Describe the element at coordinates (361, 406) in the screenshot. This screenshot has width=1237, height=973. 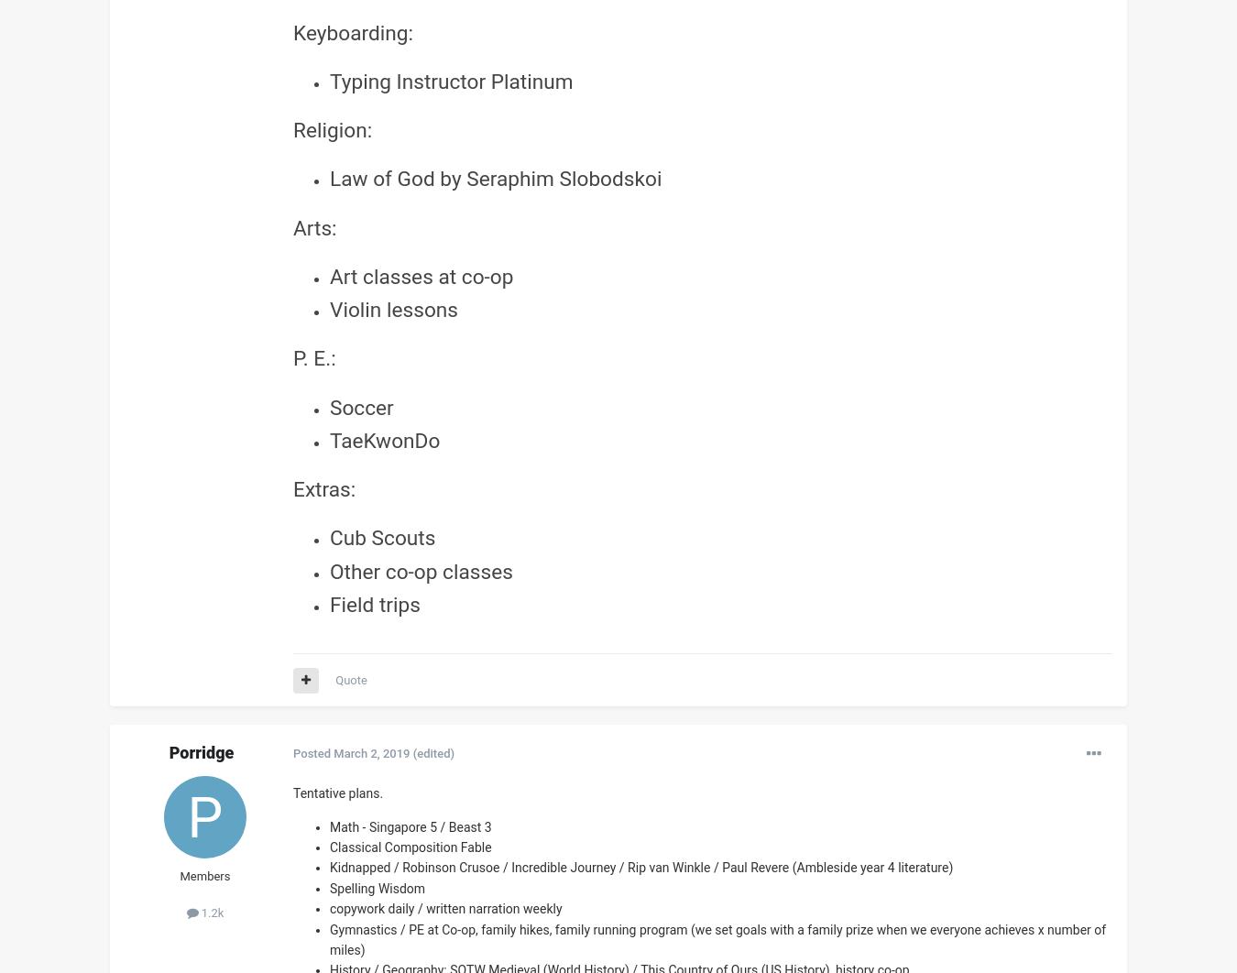
I see `'Soccer'` at that location.